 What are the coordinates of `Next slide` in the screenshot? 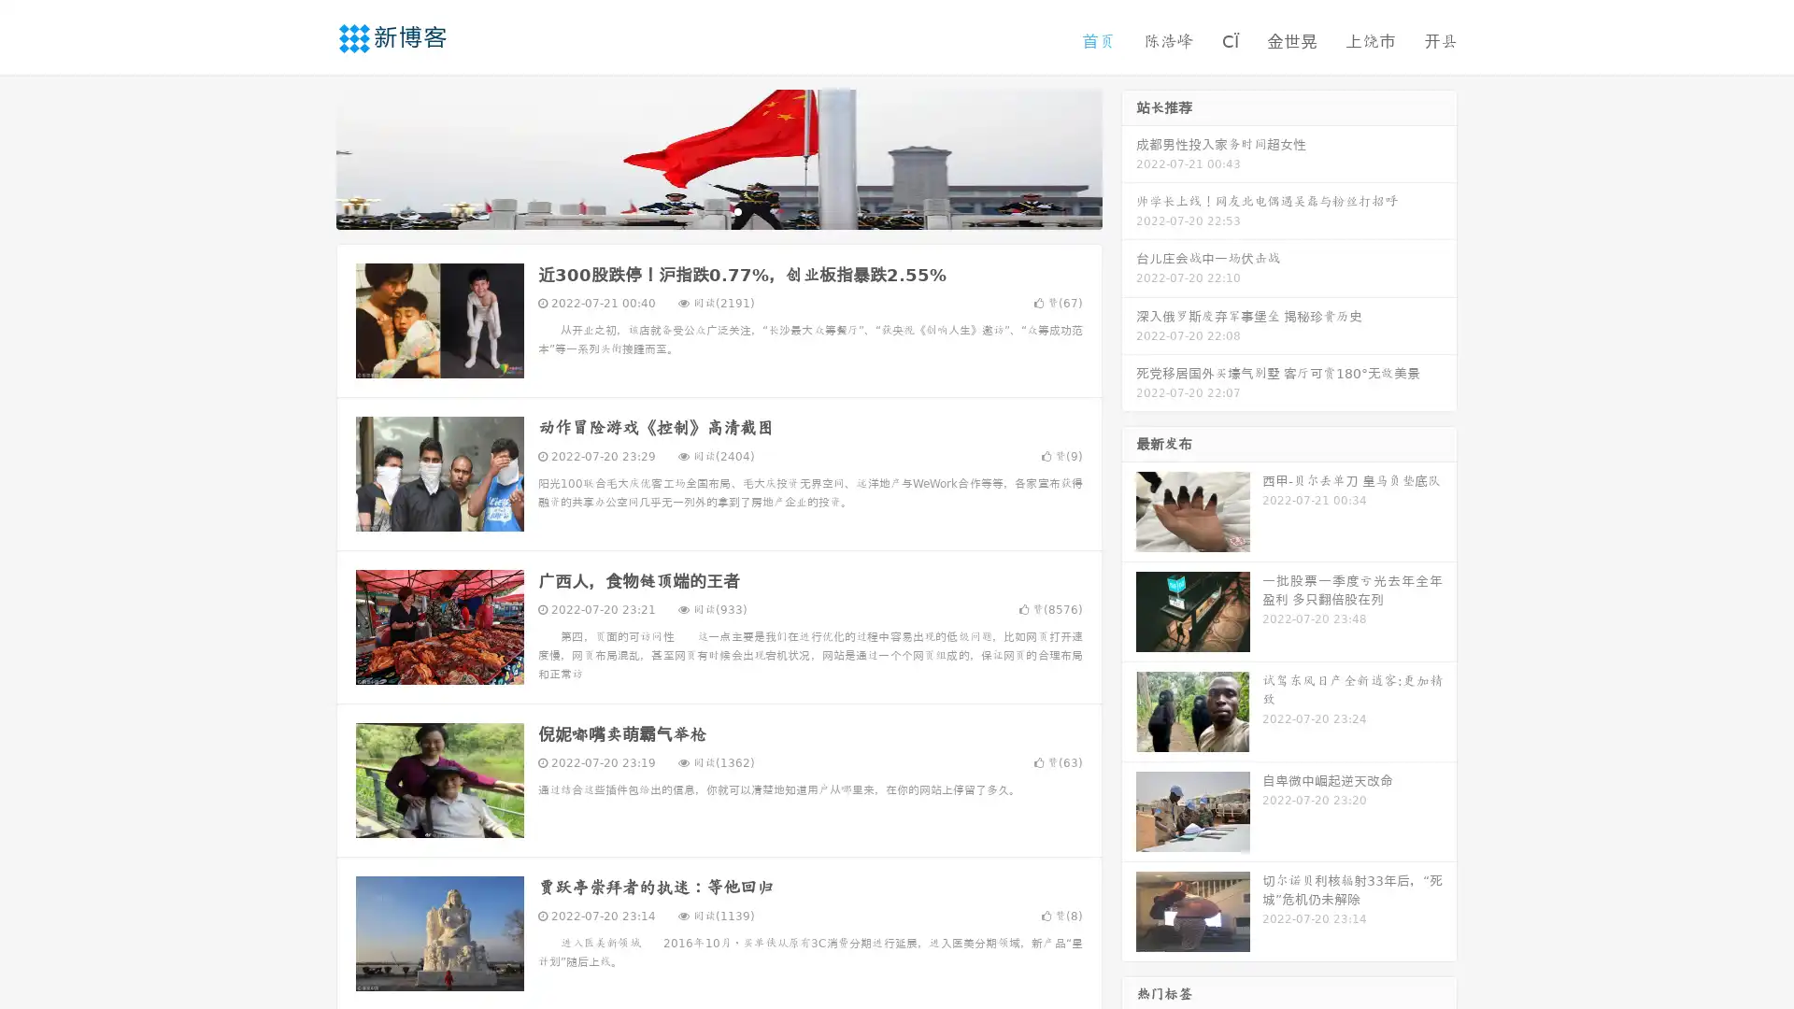 It's located at (1129, 157).